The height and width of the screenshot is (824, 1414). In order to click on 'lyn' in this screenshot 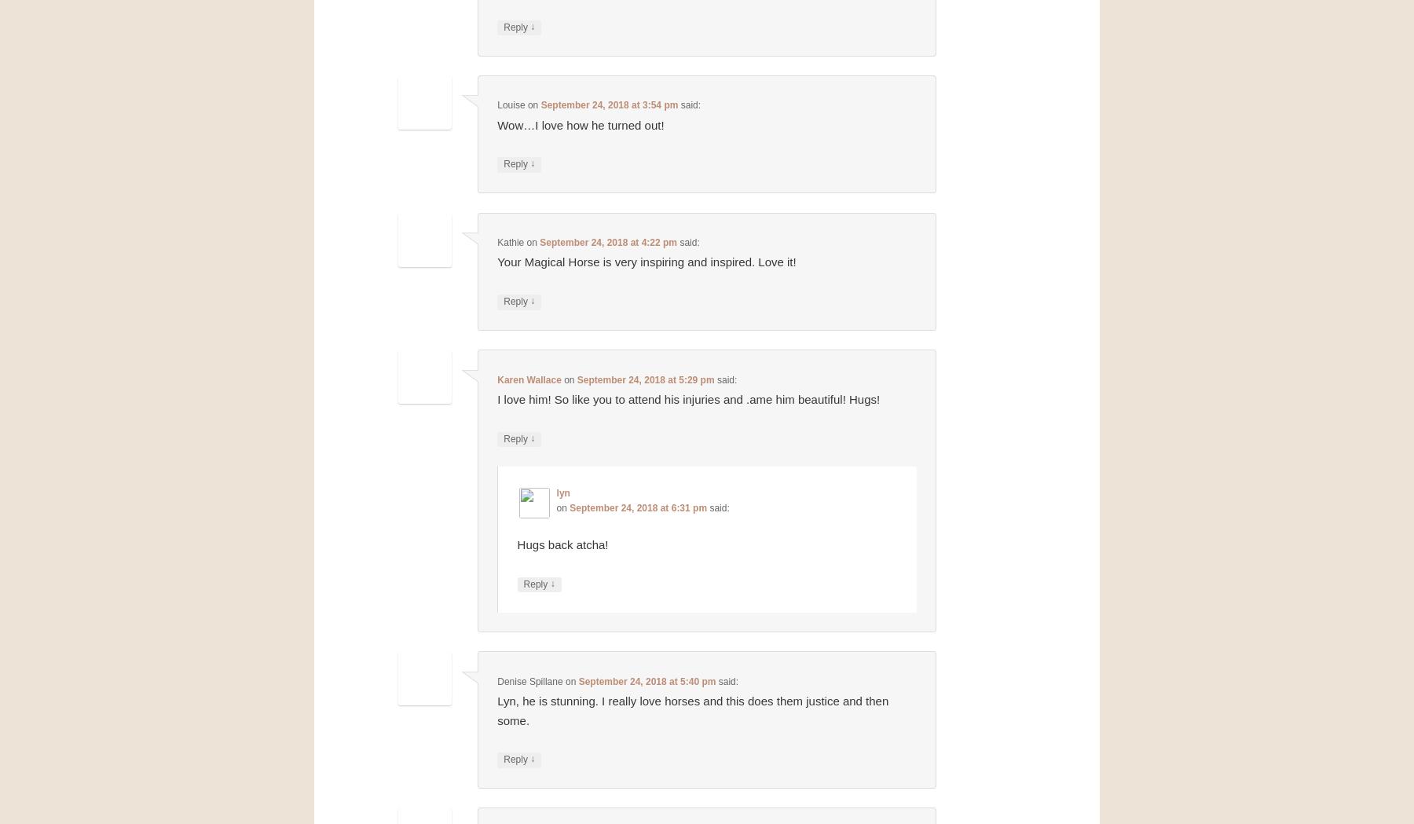, I will do `click(562, 492)`.